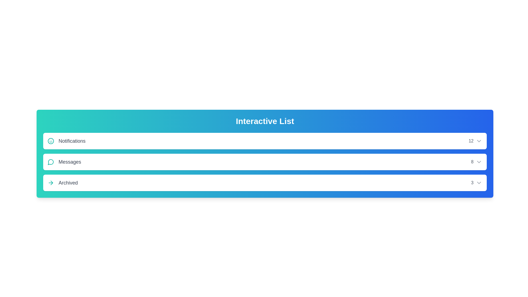 This screenshot has width=528, height=297. Describe the element at coordinates (479, 183) in the screenshot. I see `the dropdown icon of the Archived list item to expand its options` at that location.